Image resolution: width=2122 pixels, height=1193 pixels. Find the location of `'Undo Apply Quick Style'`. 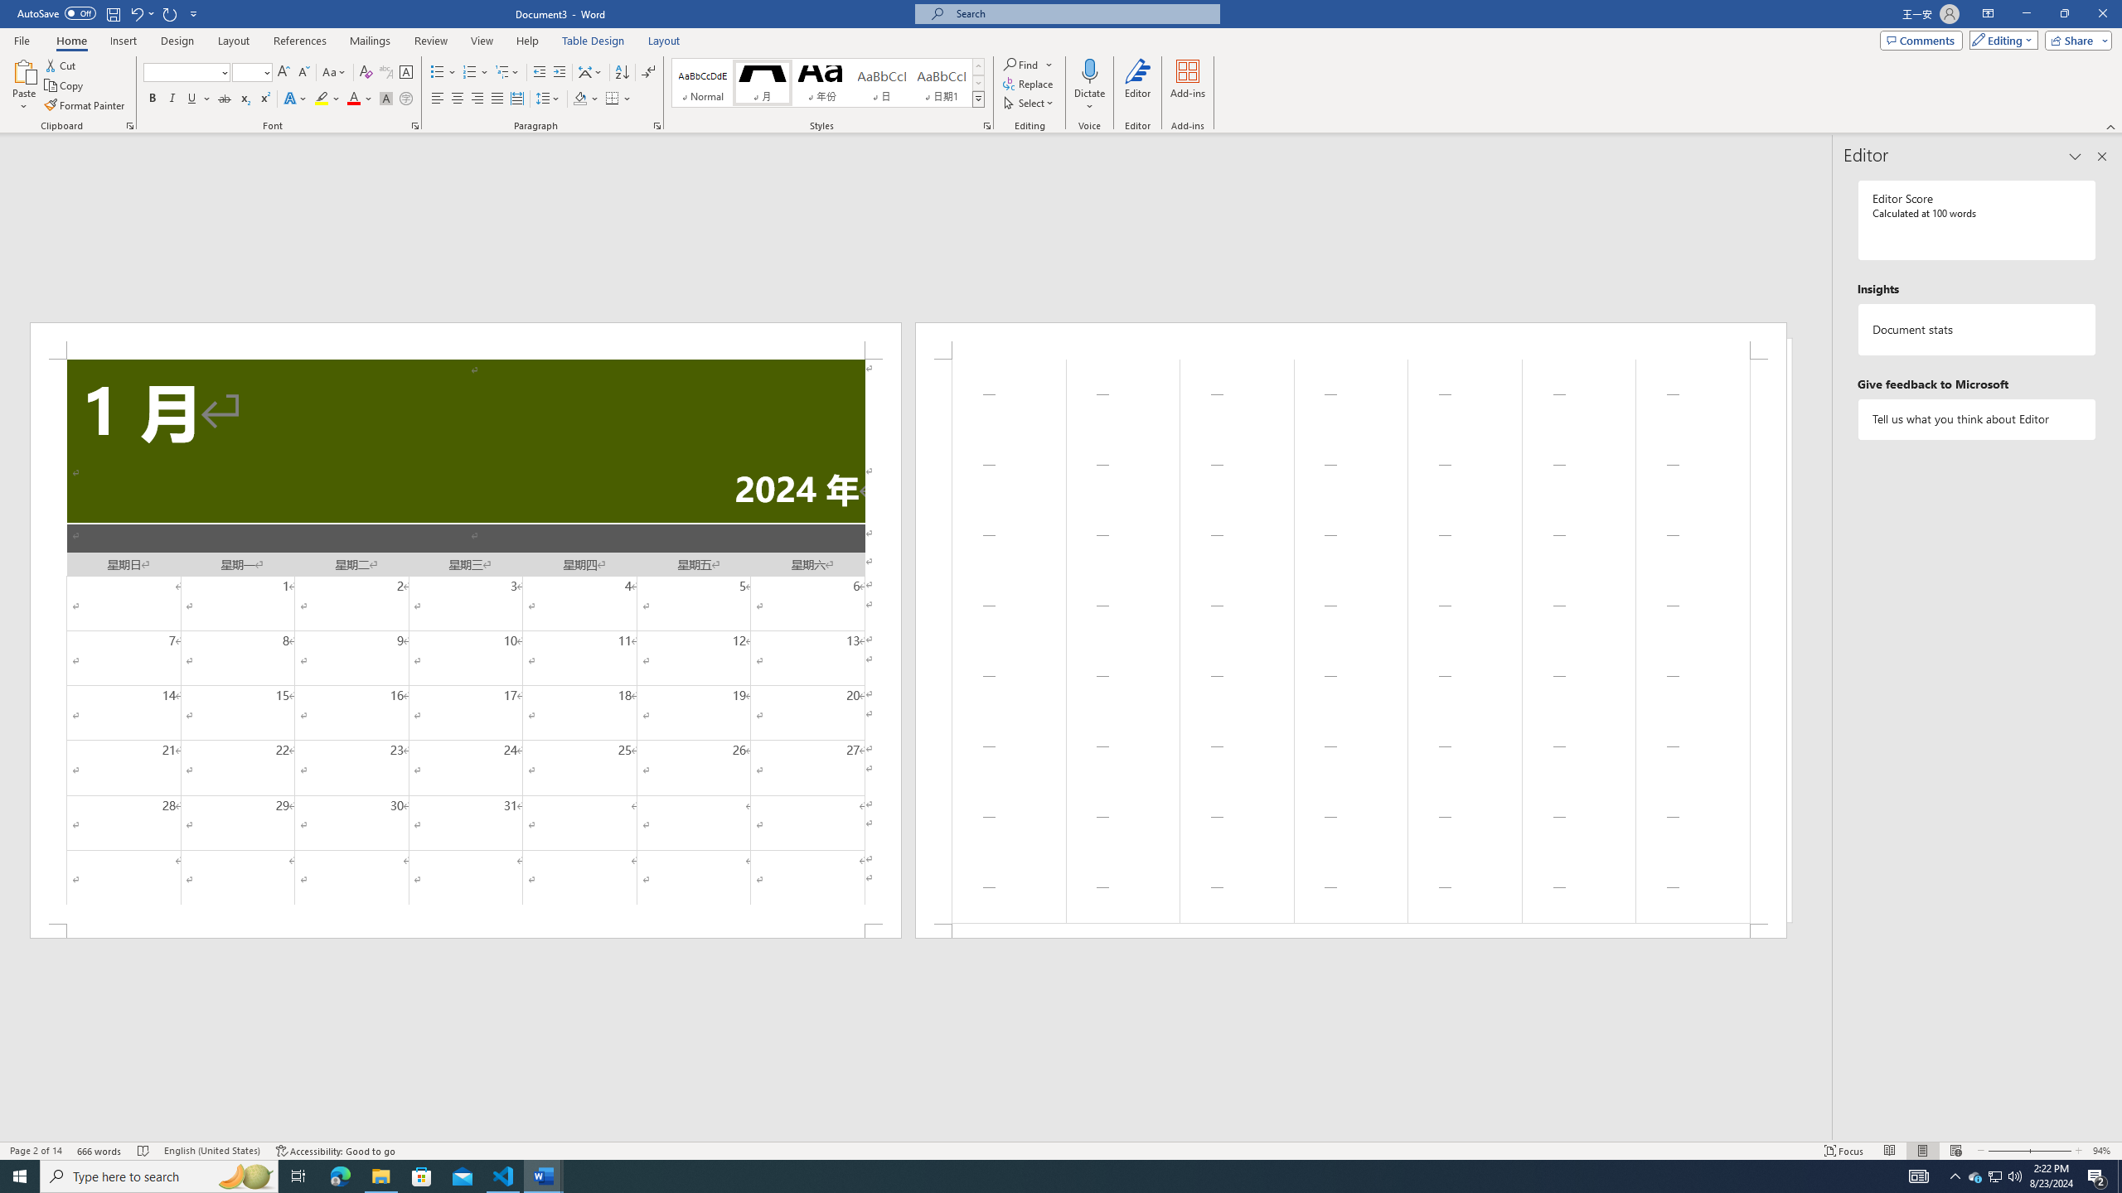

'Undo Apply Quick Style' is located at coordinates (135, 12).